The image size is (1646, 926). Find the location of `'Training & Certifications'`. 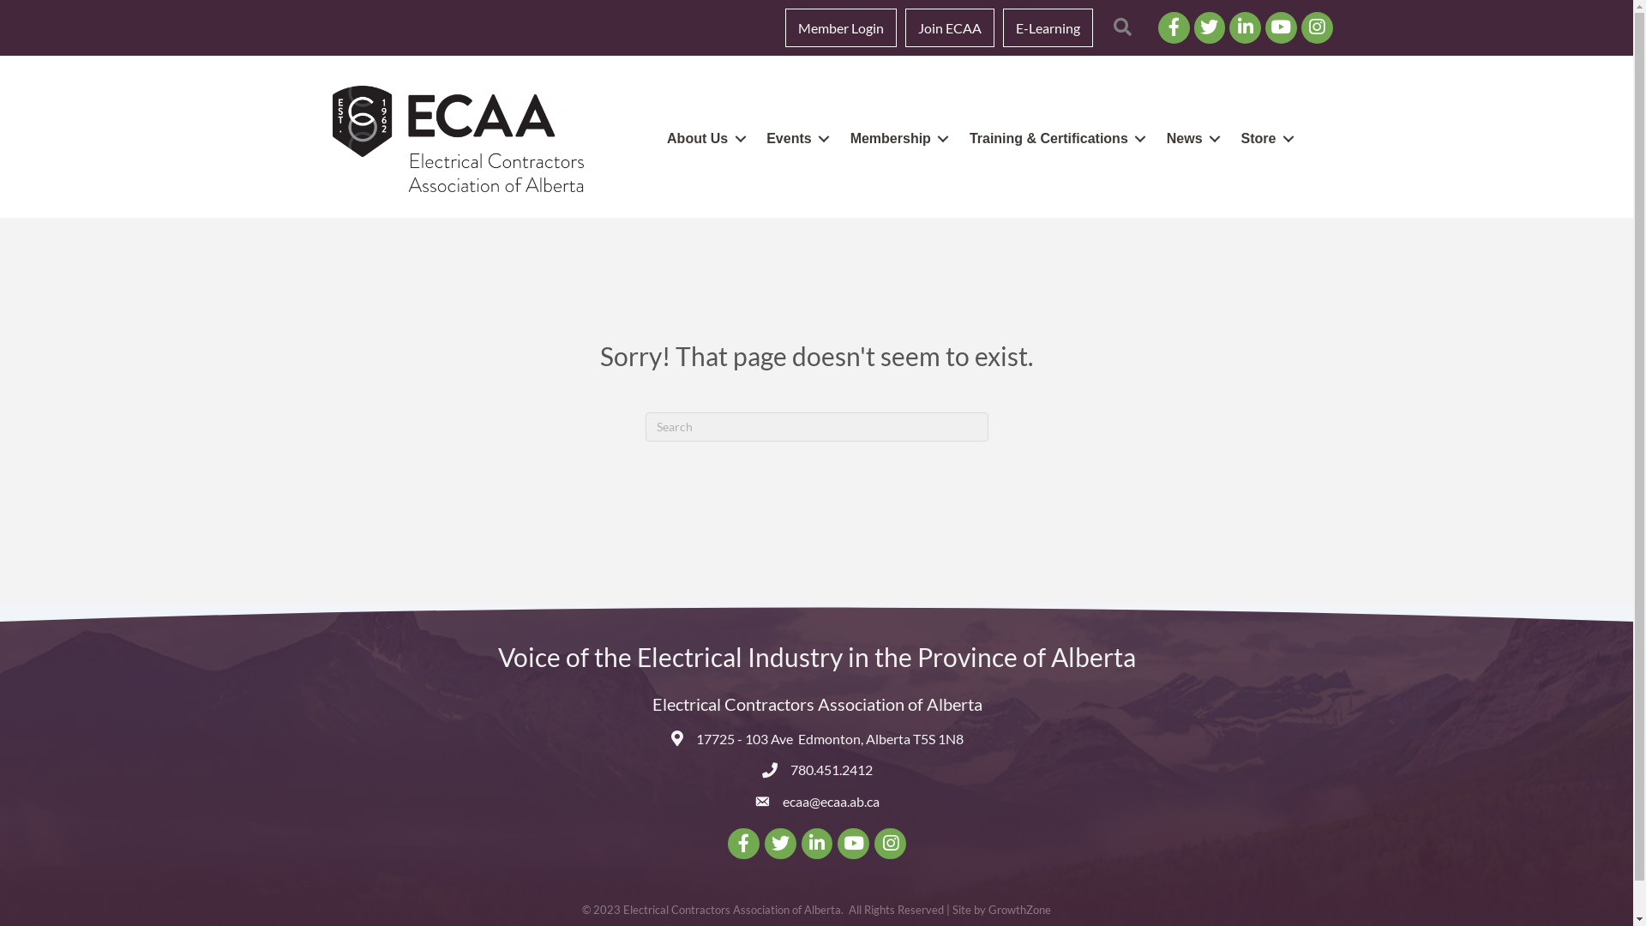

'Training & Certifications' is located at coordinates (956, 137).